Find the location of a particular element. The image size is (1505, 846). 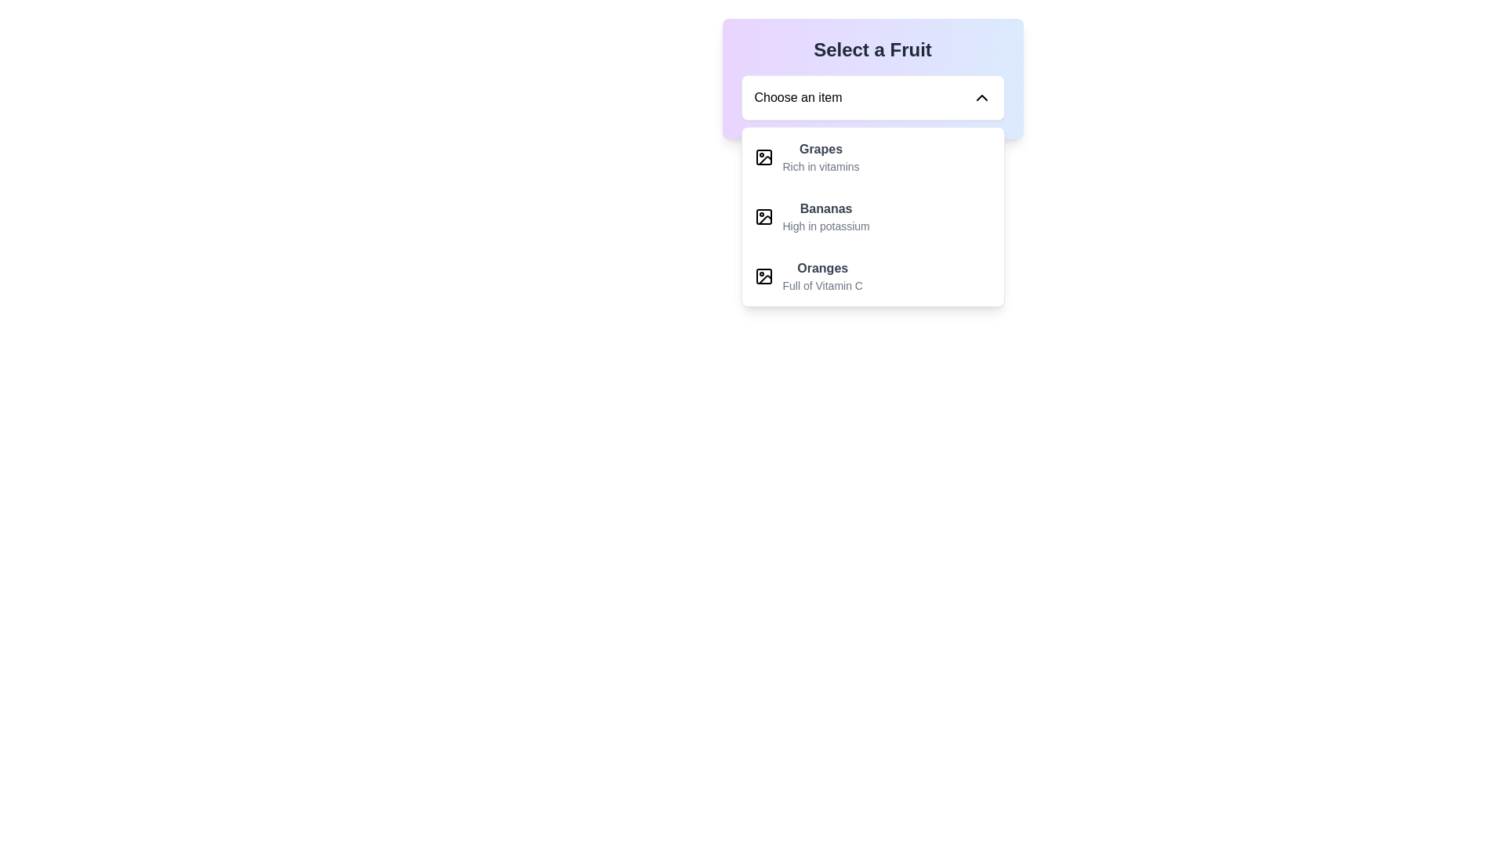

the 'Oranges' icon in the dropdown menu, which is located to the left of the text 'Oranges' and 'Full of Vitamin C'. This icon is the third in the sequence, following the icons for 'Grapes' and 'Bananas' is located at coordinates (768, 276).